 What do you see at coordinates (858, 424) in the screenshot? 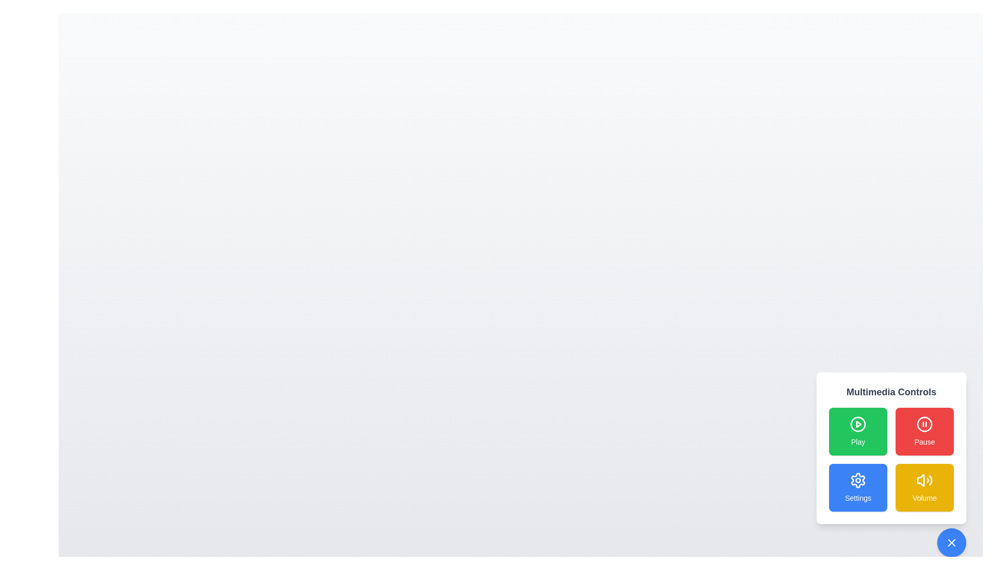
I see `the circular play icon featuring a white triangular play symbol on a green background` at bounding box center [858, 424].